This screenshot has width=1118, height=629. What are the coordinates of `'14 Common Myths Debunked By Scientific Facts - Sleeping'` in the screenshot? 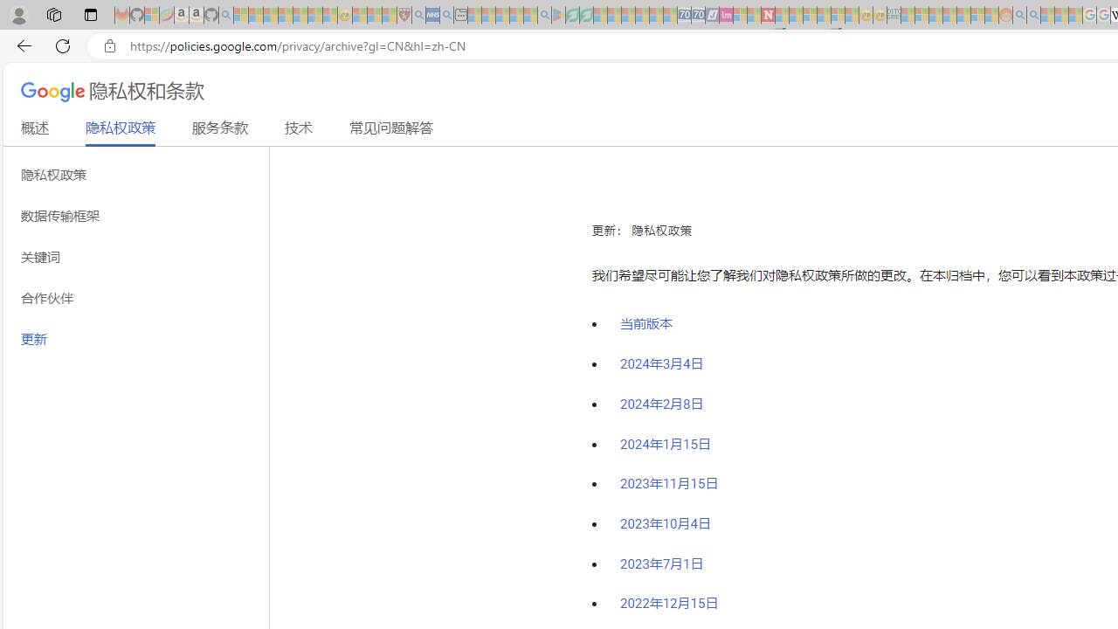 It's located at (795, 15).